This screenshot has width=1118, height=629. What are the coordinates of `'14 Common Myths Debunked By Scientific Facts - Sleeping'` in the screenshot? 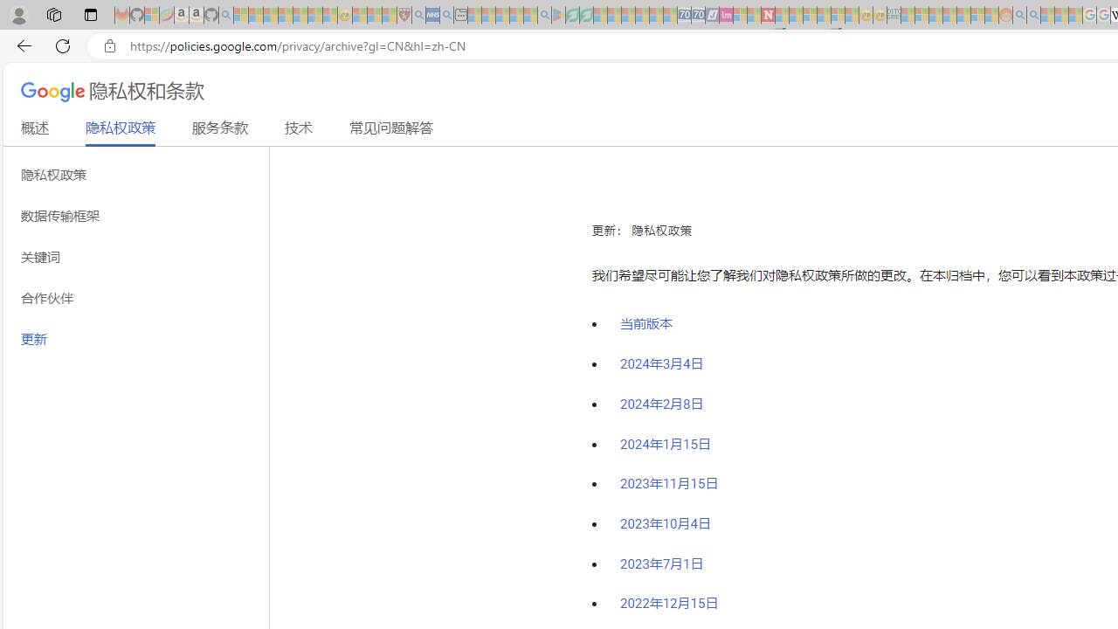 It's located at (795, 15).